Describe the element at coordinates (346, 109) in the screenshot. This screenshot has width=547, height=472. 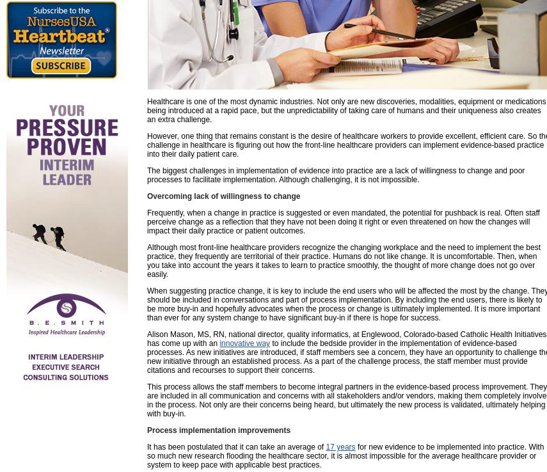
I see `'Healthcare is one of the most dynamic industries. Not only are new discoveries, modalities, equipment or medications being introduced at a rapid pace, but the unpredictability of taking care of humans and their uniqueness also creates an extra challenge.'` at that location.